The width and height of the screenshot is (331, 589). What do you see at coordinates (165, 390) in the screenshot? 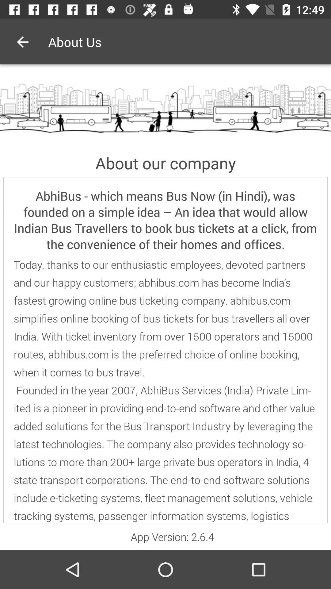
I see `the item below the abhibus which means` at bounding box center [165, 390].